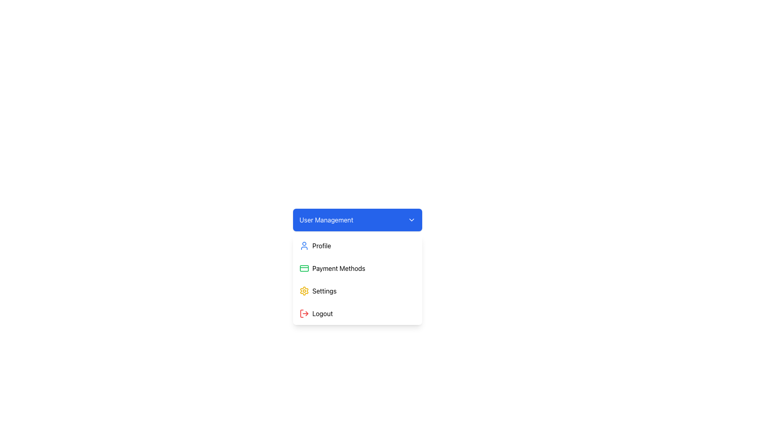 Image resolution: width=775 pixels, height=436 pixels. What do you see at coordinates (304, 268) in the screenshot?
I see `the credit card icon with green outlines located near the left of the 'Payment Methods' text in the dropdown menu under the 'User Management' section` at bounding box center [304, 268].